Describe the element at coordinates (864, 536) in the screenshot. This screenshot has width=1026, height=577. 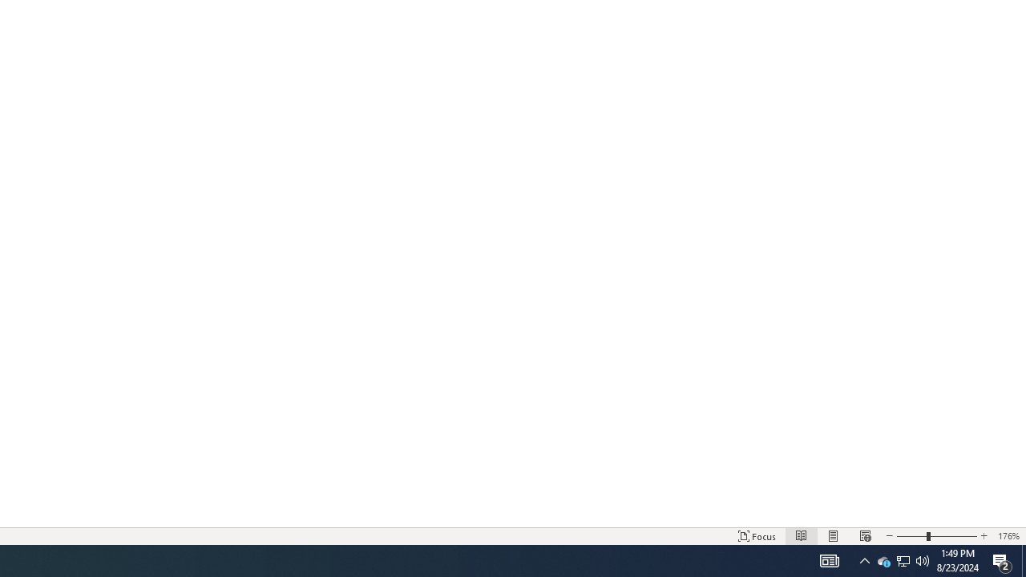
I see `'Web Layout'` at that location.